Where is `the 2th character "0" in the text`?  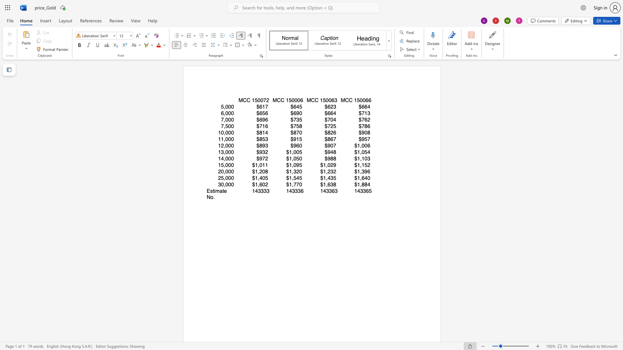 the 2th character "0" in the text is located at coordinates (262, 100).